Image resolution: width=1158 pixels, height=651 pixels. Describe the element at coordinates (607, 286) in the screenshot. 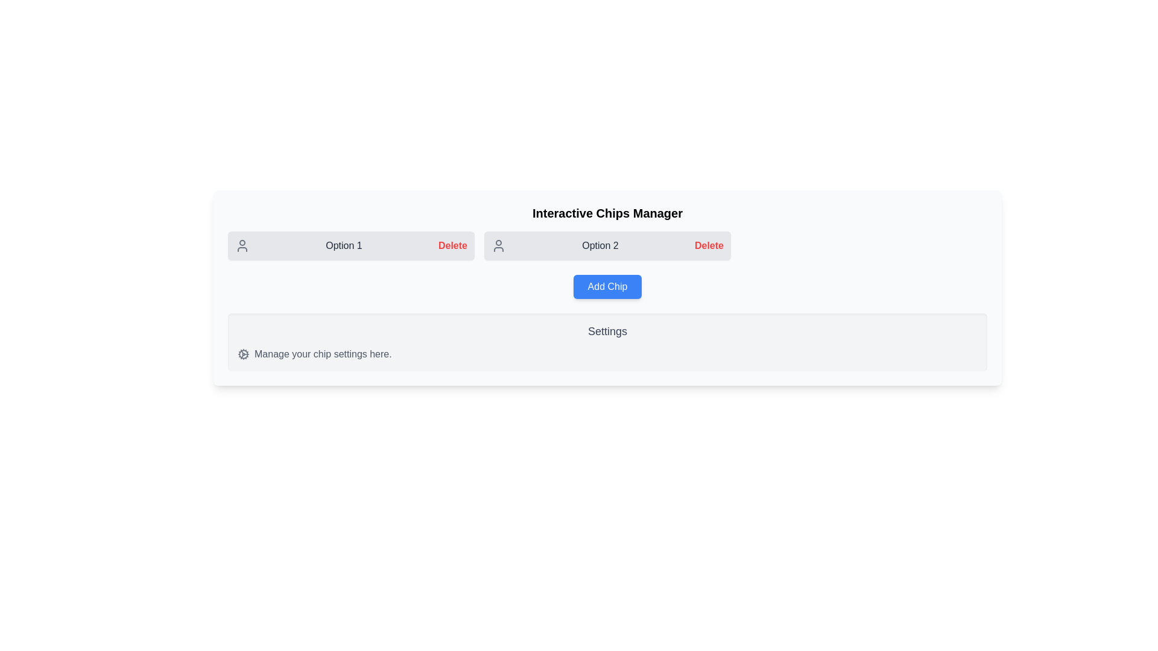

I see `the 'Add Chip' button to add a new chip` at that location.